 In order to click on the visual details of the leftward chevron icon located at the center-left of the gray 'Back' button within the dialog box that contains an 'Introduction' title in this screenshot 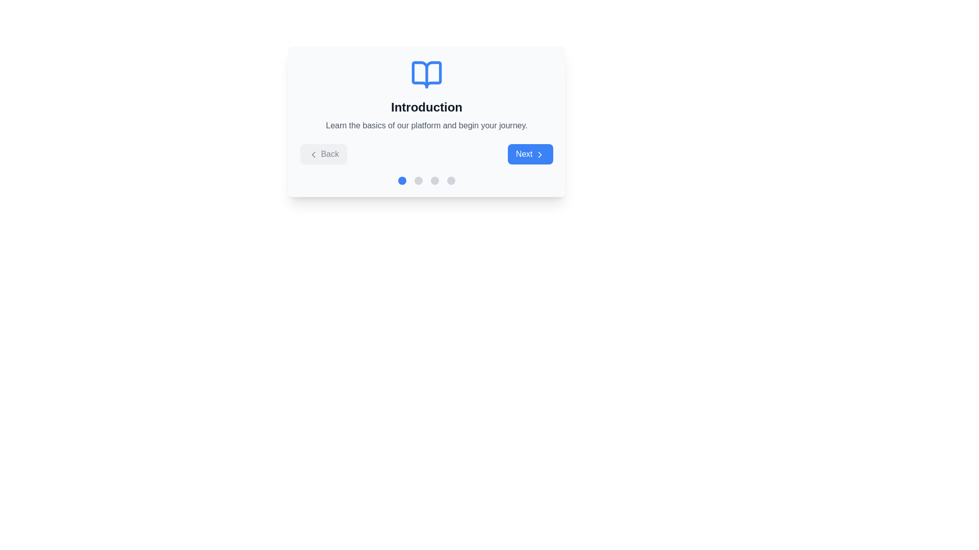, I will do `click(313, 154)`.